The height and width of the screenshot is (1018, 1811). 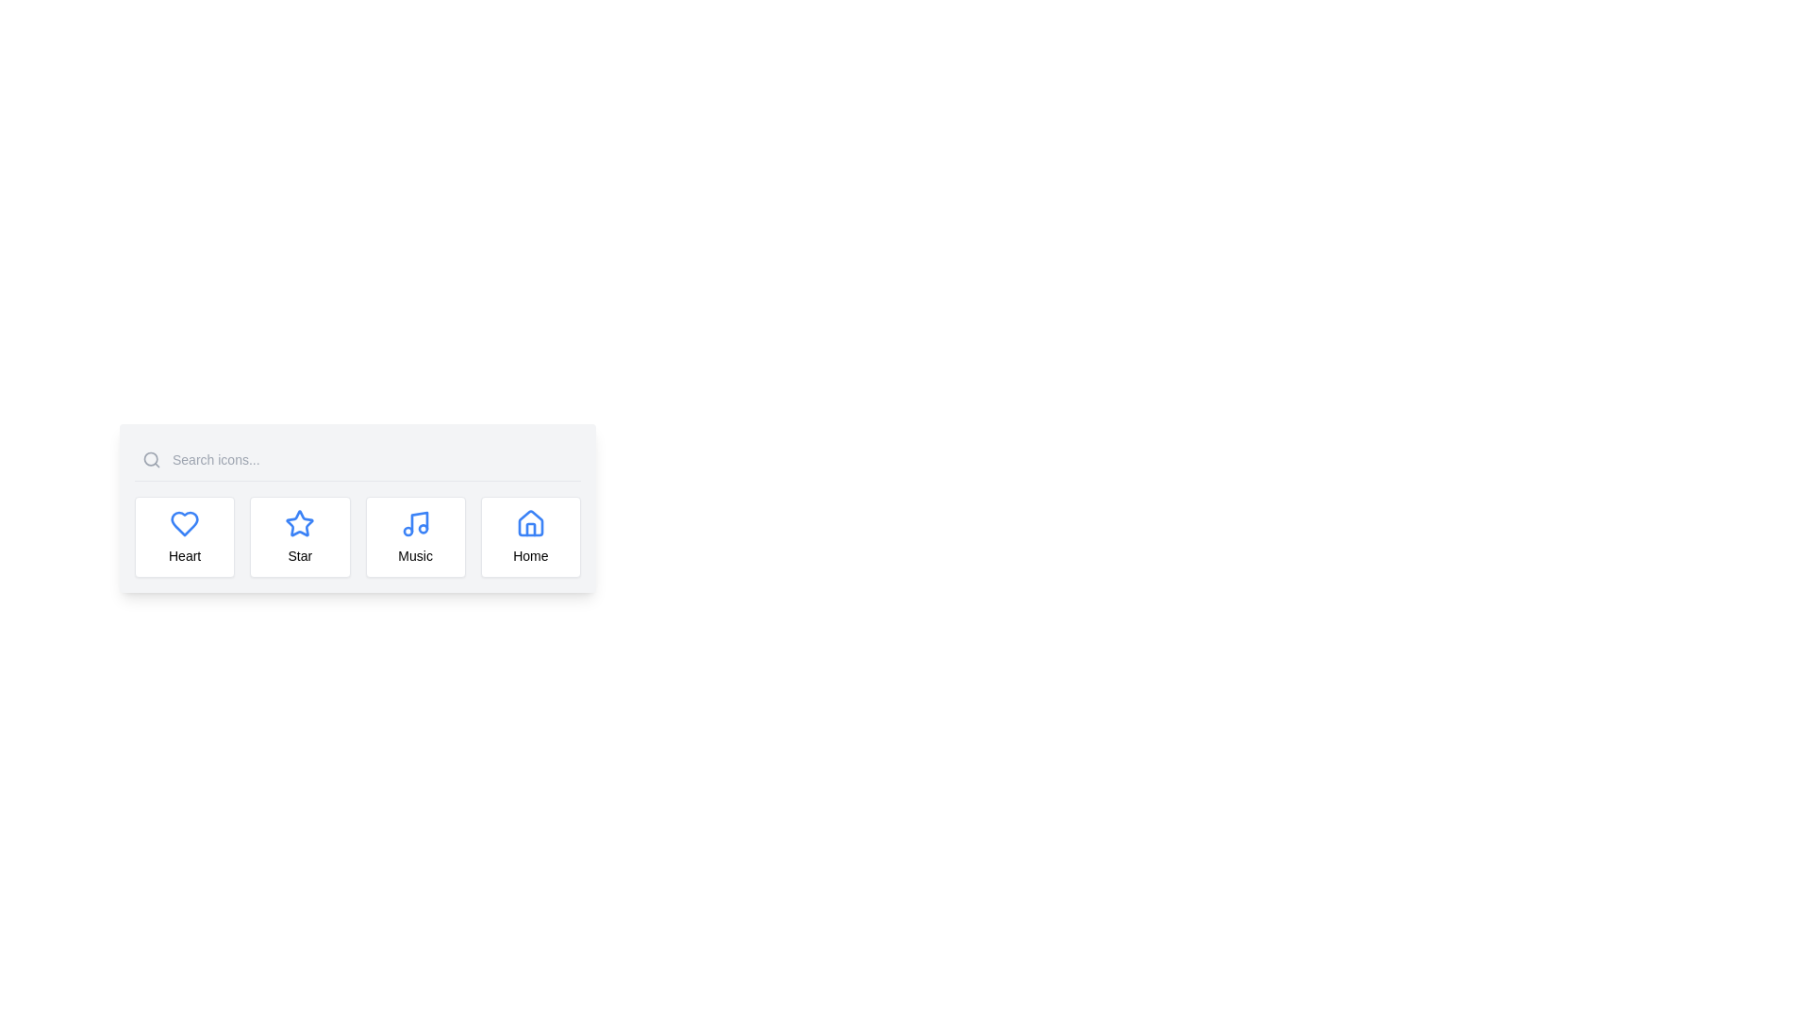 I want to click on the 'Heart' card icon button located at the top-left corner of the grid layout by moving the cursor to its center point, so click(x=185, y=537).